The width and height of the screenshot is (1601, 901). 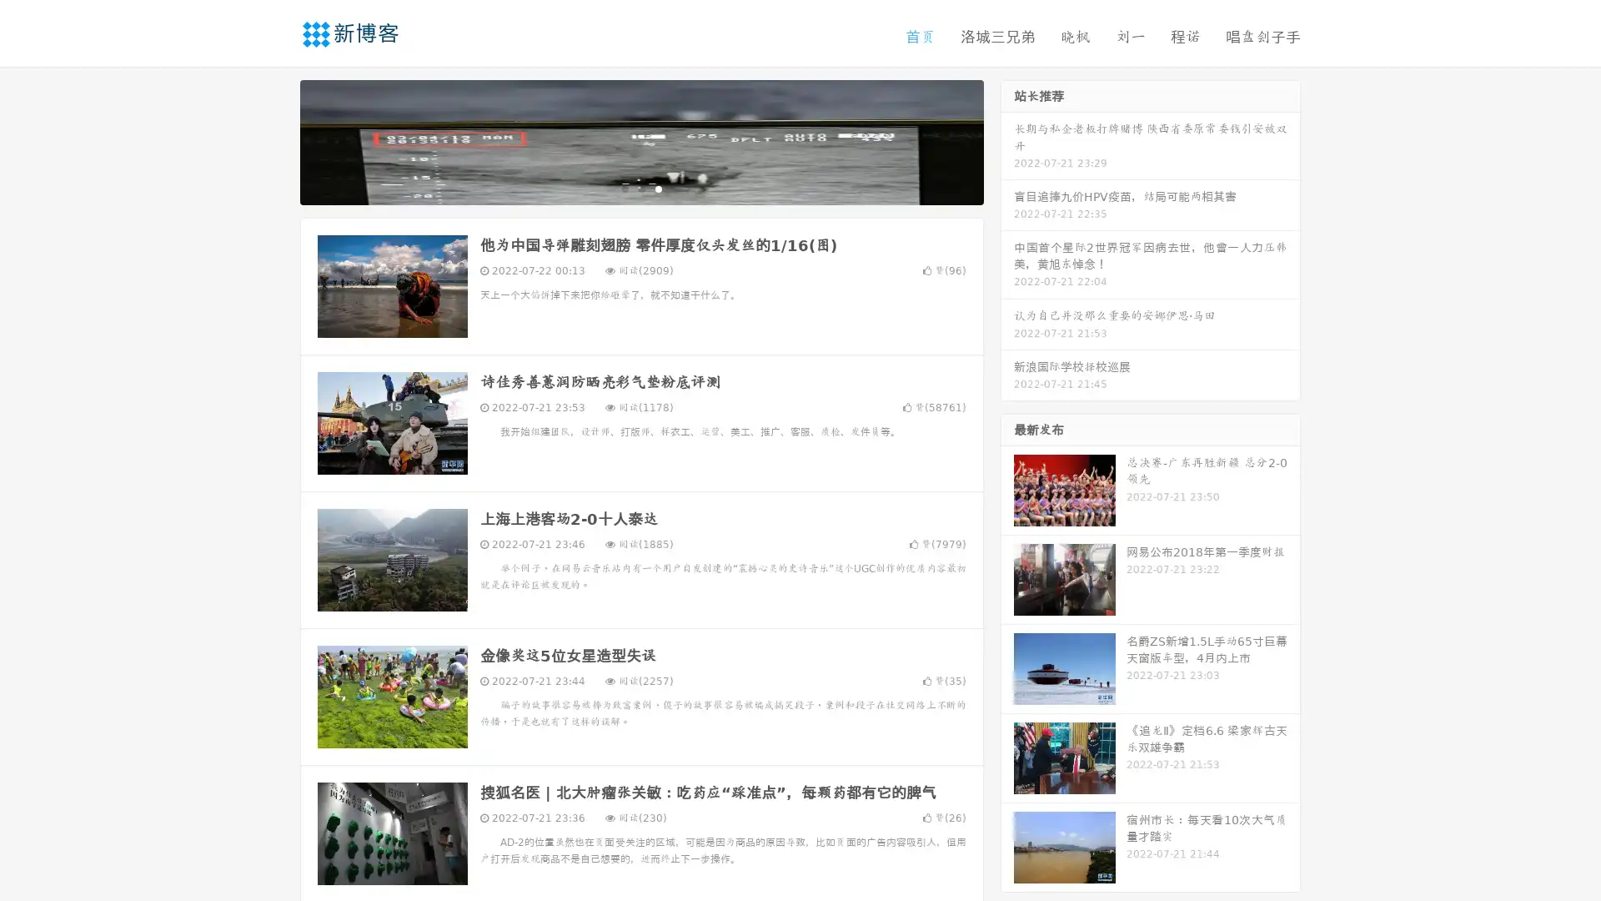 I want to click on Go to slide 3, so click(x=658, y=188).